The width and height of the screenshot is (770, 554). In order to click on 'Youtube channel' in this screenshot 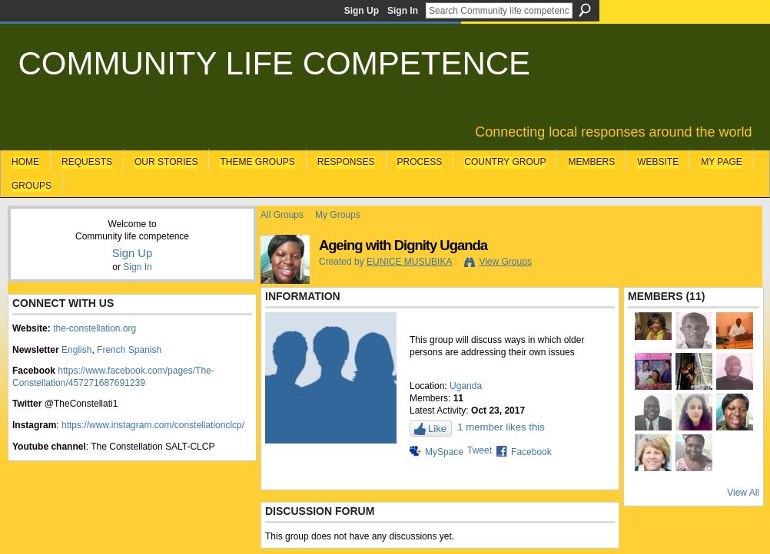, I will do `click(12, 444)`.